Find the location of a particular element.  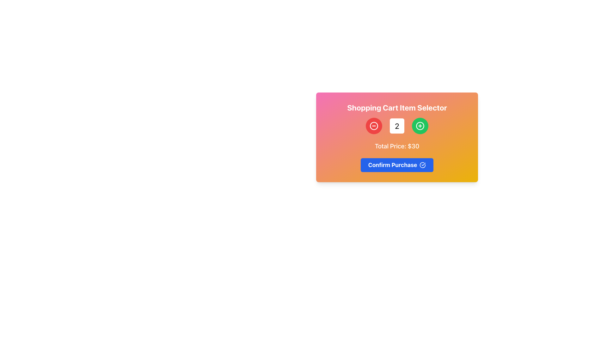

the numerical display label that shows the current value or quantity in the shopping cart interface, positioned between the red and green circular buttons is located at coordinates (397, 126).